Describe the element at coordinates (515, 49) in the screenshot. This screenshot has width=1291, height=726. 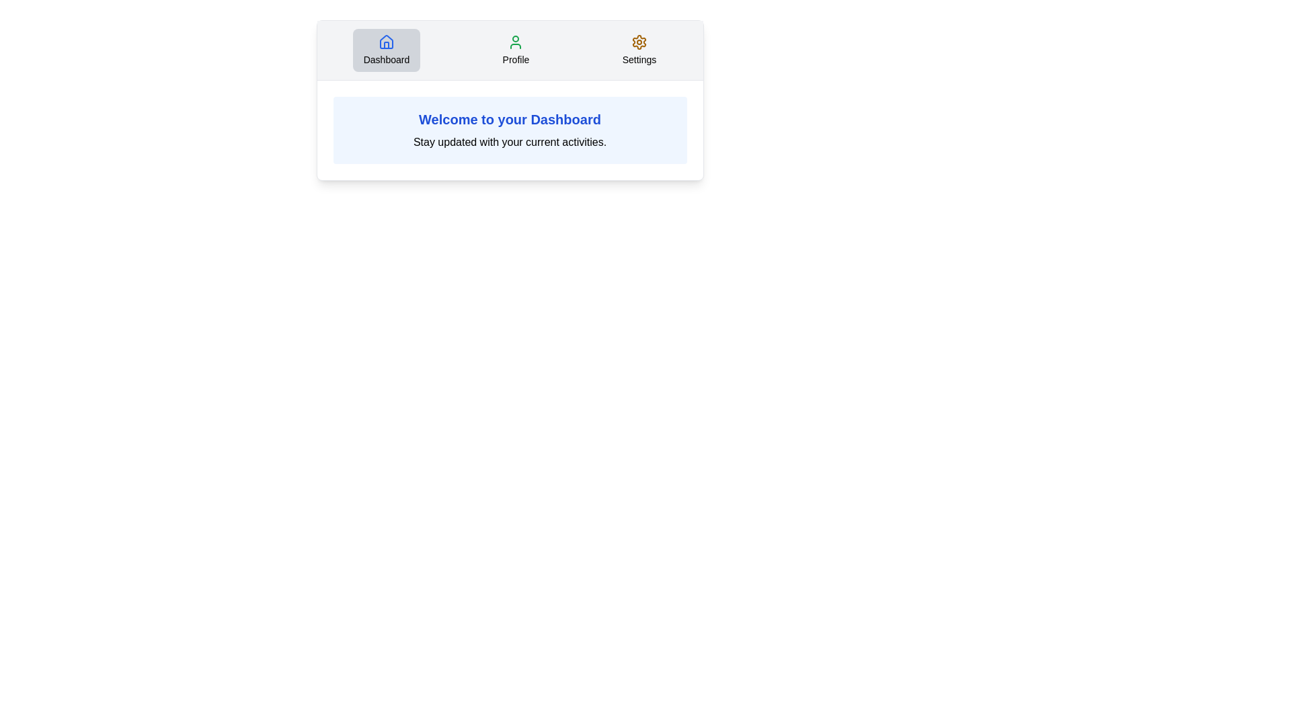
I see `the tab labeled Profile` at that location.